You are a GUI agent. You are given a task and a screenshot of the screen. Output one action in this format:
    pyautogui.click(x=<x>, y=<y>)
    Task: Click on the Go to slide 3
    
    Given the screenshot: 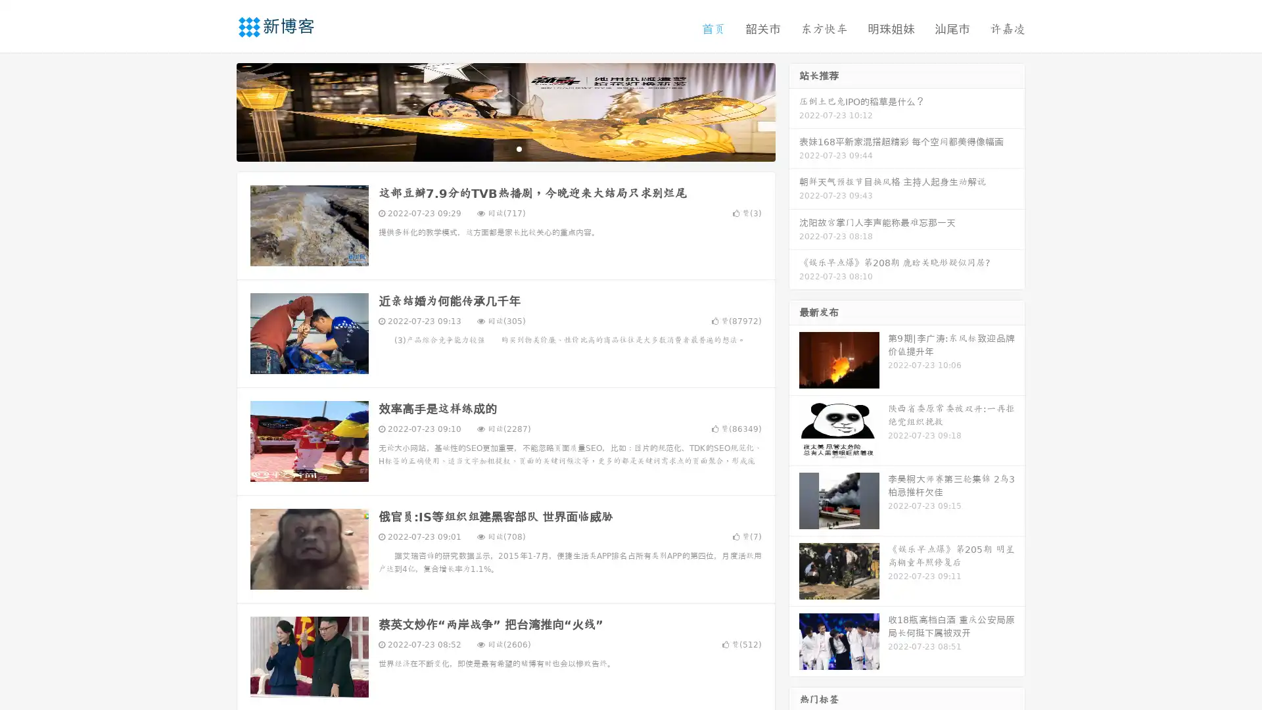 What is the action you would take?
    pyautogui.click(x=519, y=148)
    